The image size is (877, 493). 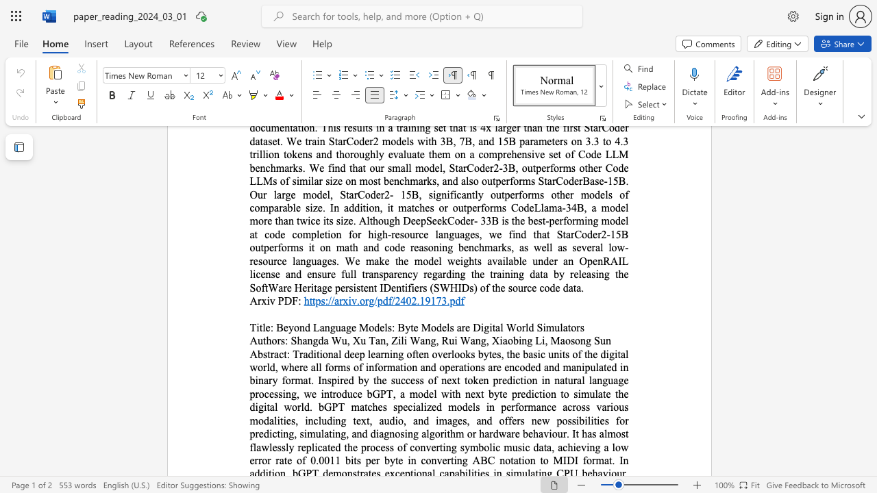 I want to click on the subset text "latin" within the text "Traditional deep learning often overlooks bytes, the basic units of the digital world, where all forms of information and operations are encoded and manipulated in binary format. Inspired by the success of next token prediction in natural language processing, we introduce bGPT, a model with next byte prediction to simulate the digital world. bGPT matches specialized models in performance across various modalities, including text, audio, and images, and offers new possibilities for predicting, simulating, and diagnosing algorithm or hardware behaviour. It has almost flawlessly", so click(x=320, y=433).